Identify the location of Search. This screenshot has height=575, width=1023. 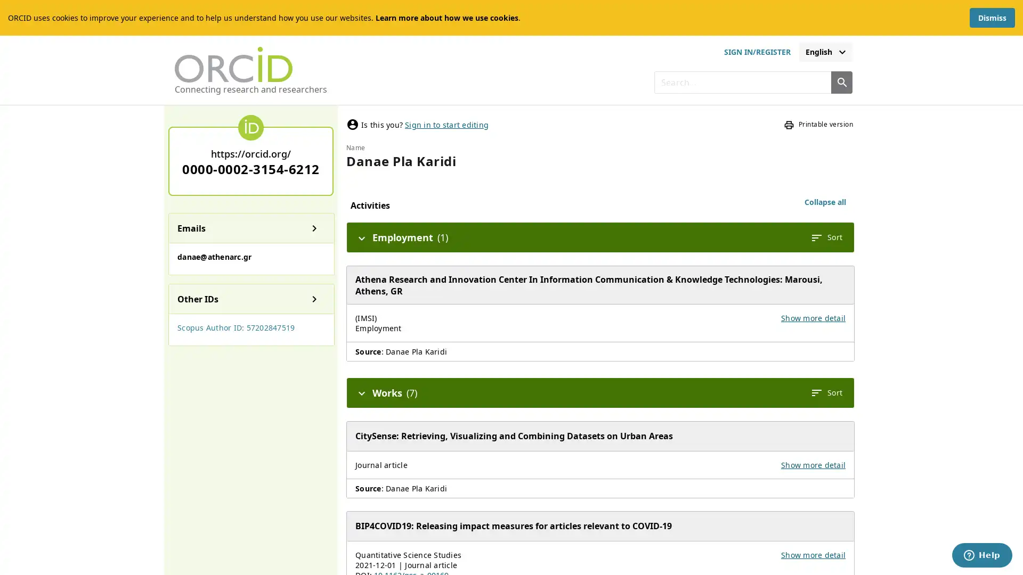
(841, 81).